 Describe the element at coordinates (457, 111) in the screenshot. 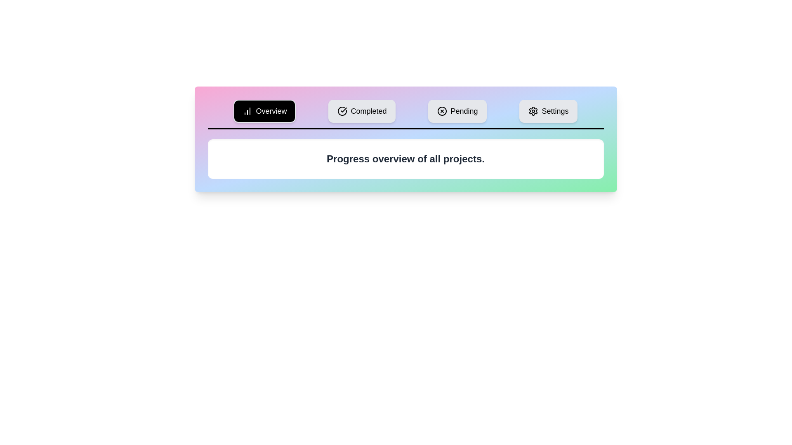

I see `the Pending tab to view its content` at that location.